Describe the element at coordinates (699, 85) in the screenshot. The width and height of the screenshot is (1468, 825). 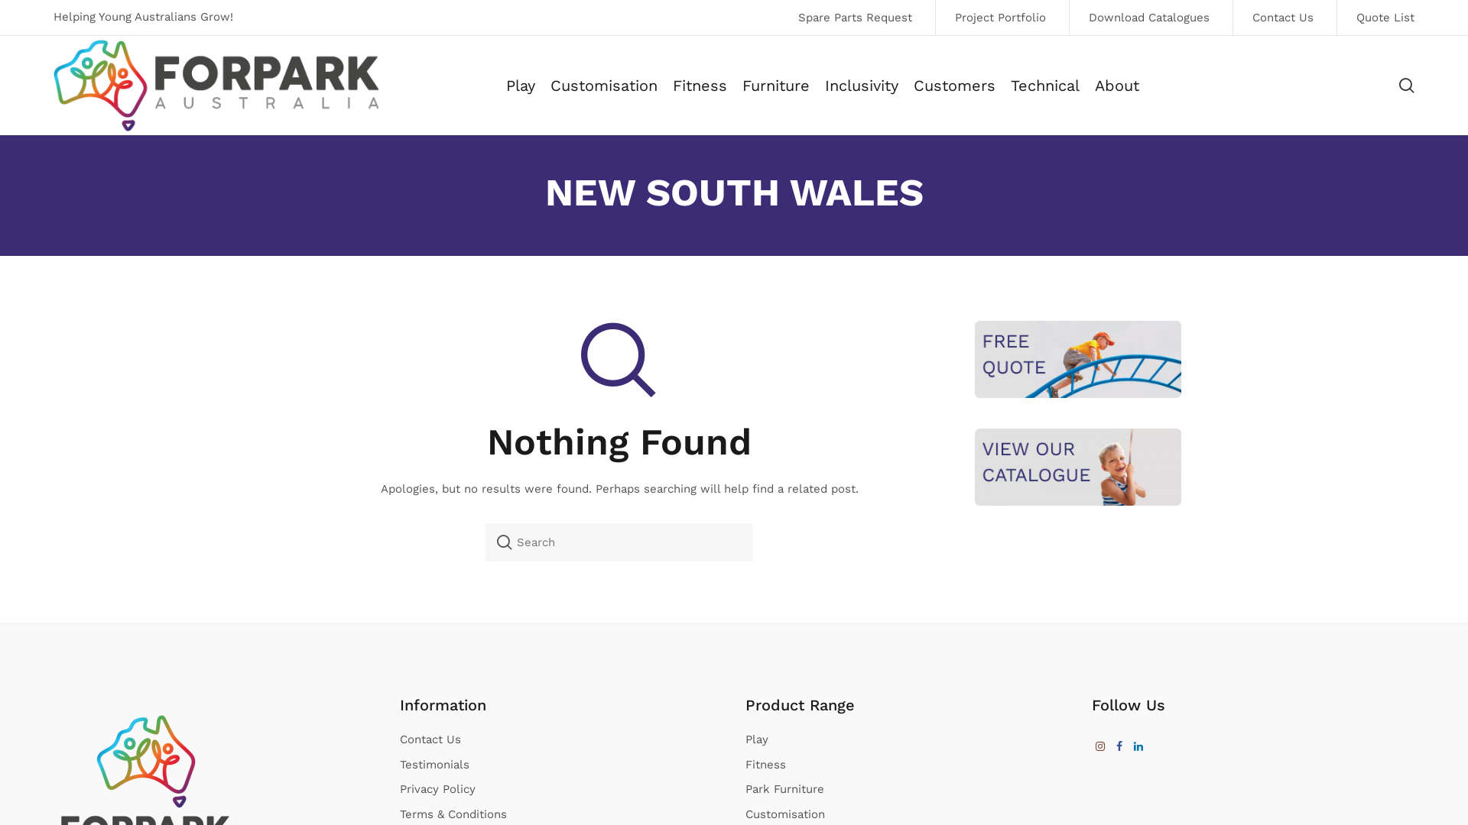
I see `'Fitness'` at that location.